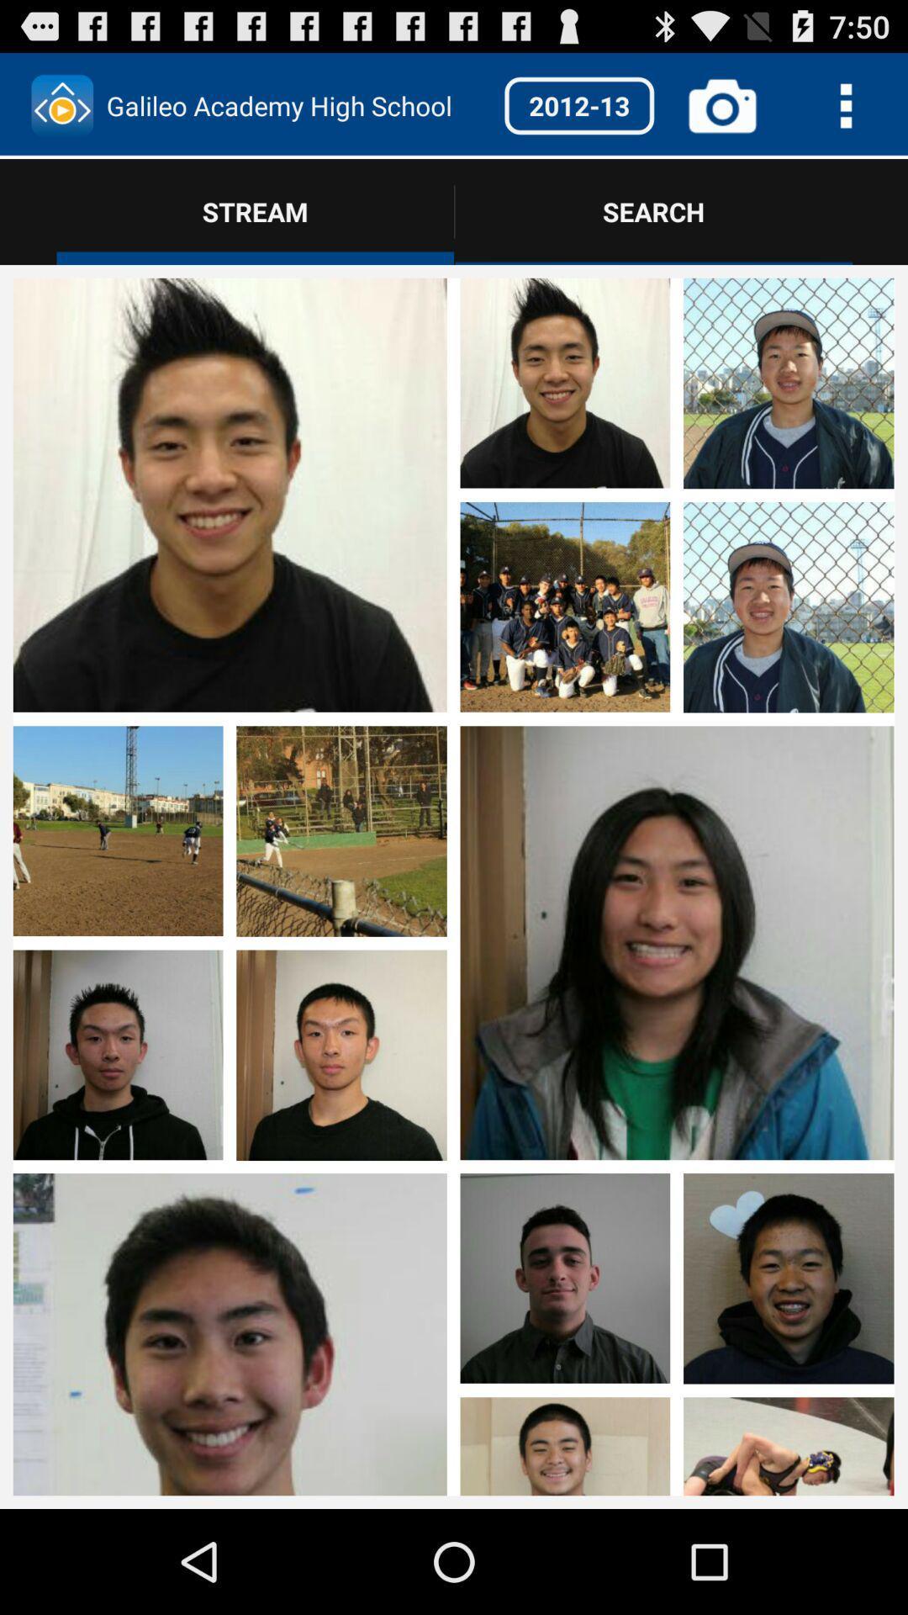 The width and height of the screenshot is (908, 1615). Describe the element at coordinates (117, 384) in the screenshot. I see `photos page` at that location.